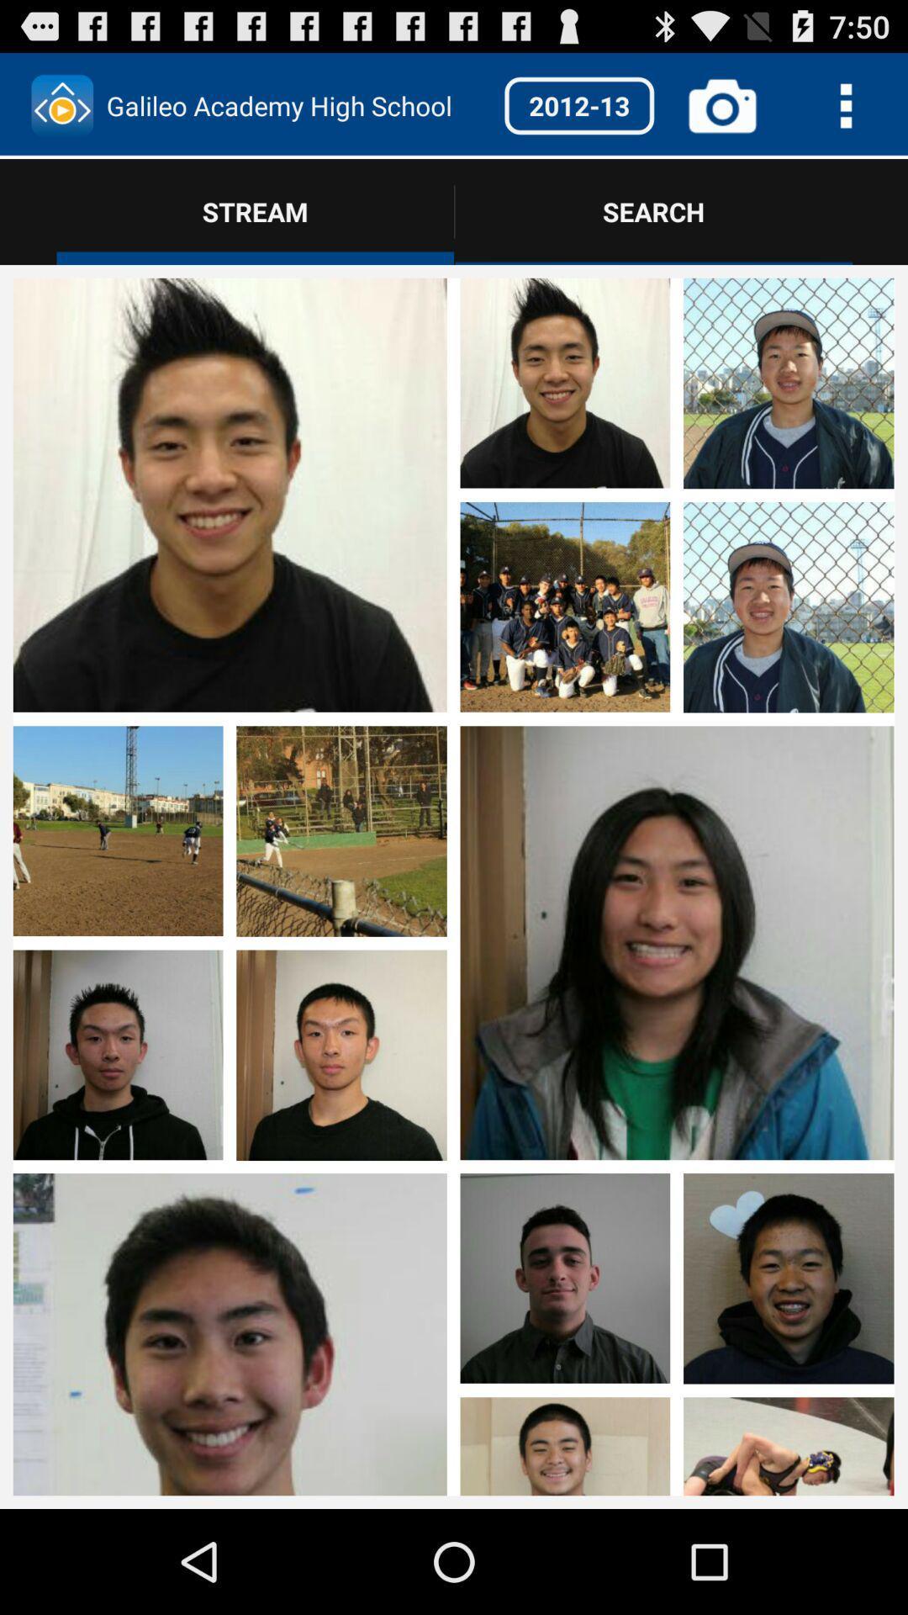 The width and height of the screenshot is (908, 1615). Describe the element at coordinates (117, 384) in the screenshot. I see `photos page` at that location.